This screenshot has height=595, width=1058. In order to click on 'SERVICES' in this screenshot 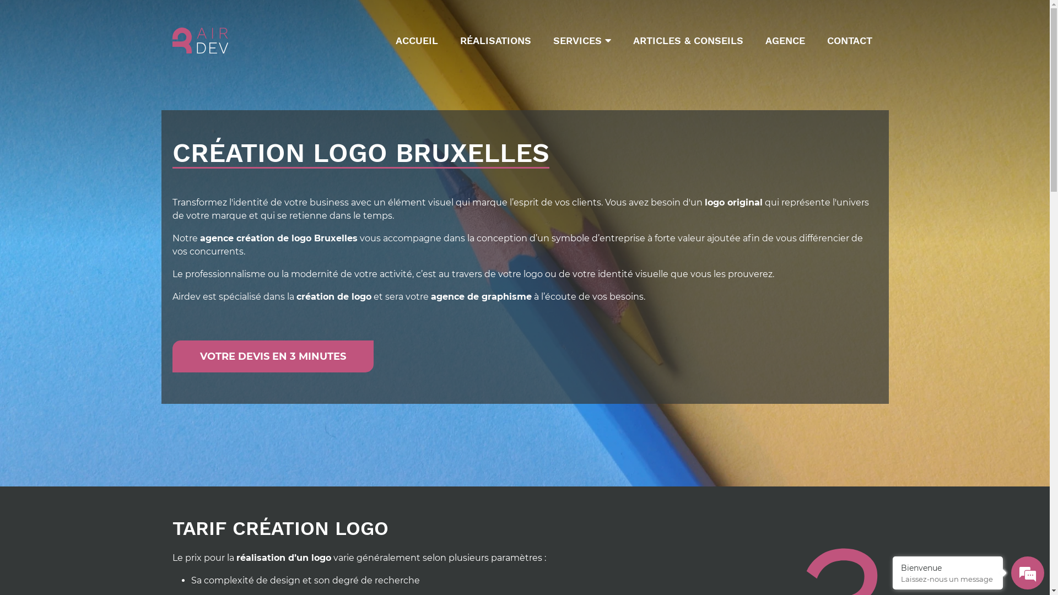, I will do `click(547, 40)`.